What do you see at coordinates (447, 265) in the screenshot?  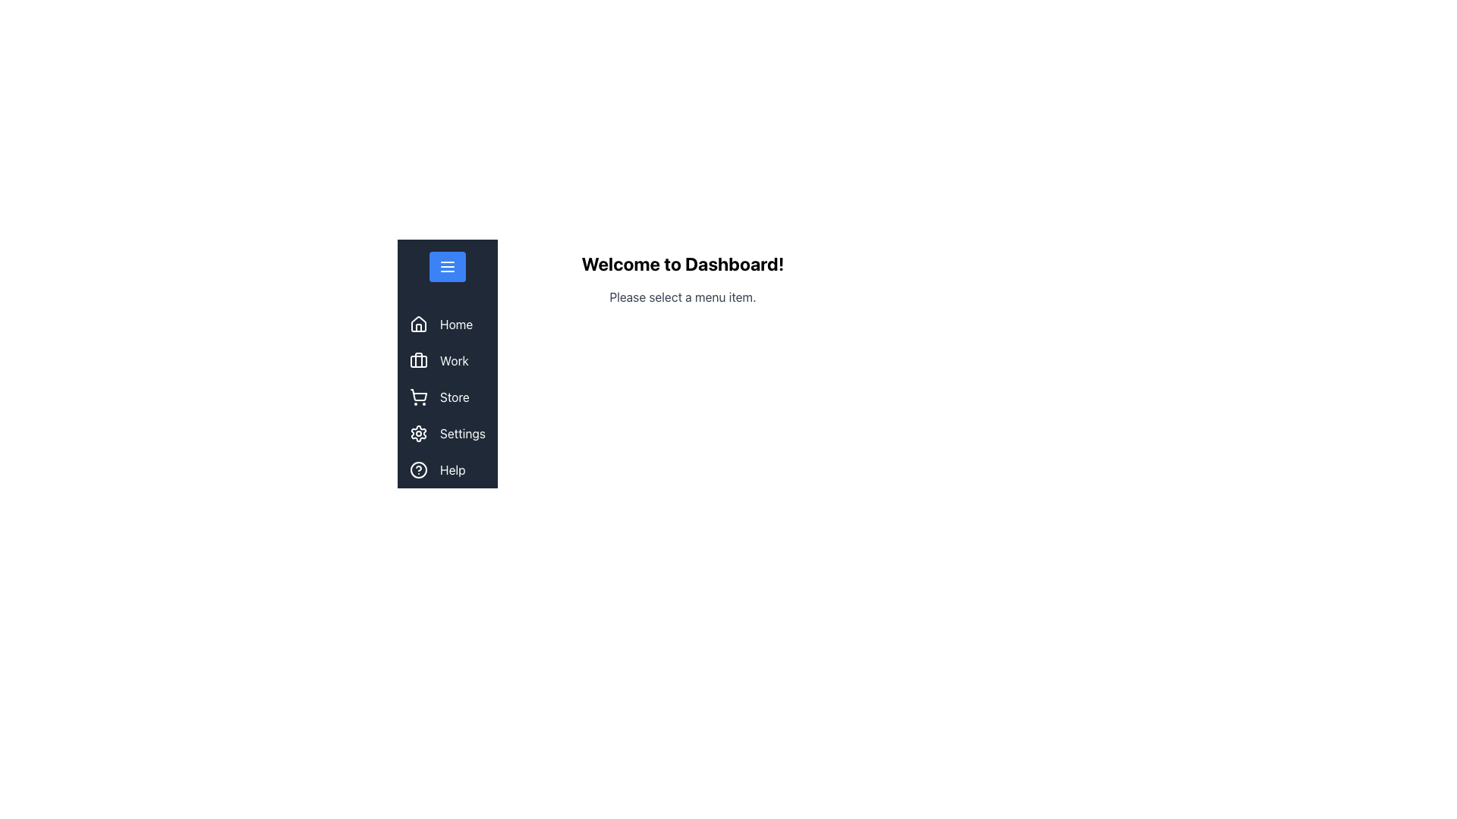 I see `the rectangular button with a blue background and a white hamburger menu icon located at the top of the vertical navigation bar on the left side of the interface` at bounding box center [447, 265].